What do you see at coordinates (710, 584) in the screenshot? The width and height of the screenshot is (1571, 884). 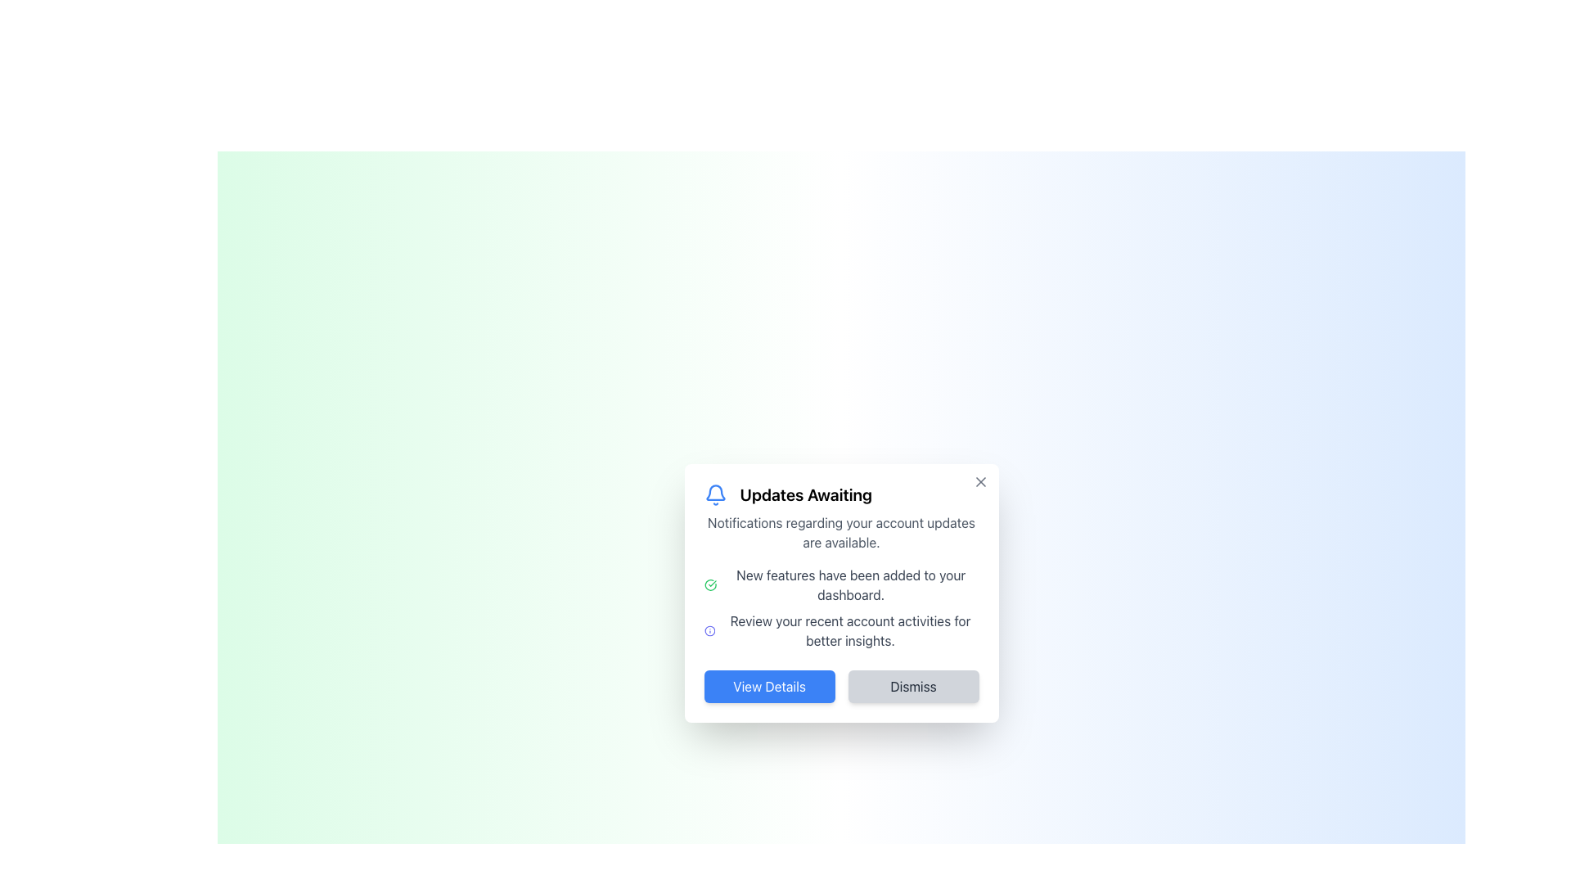 I see `the green circular icon with a check mark, which is located to the left of the text 'New features have been added to your dashboard.'` at bounding box center [710, 584].